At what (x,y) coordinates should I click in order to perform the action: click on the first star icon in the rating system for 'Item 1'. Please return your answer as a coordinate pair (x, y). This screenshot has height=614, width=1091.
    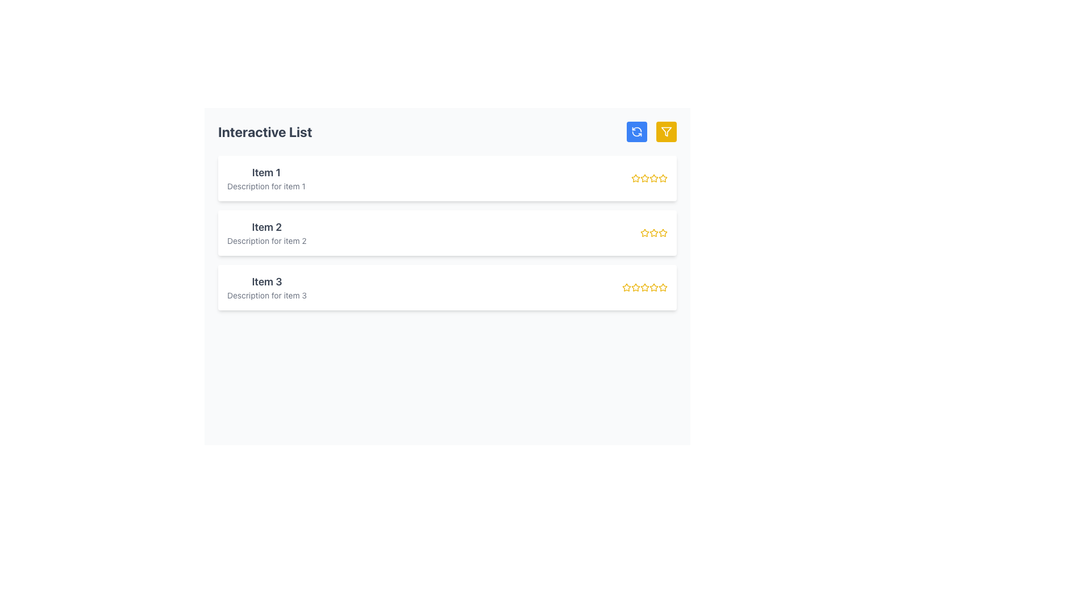
    Looking at the image, I should click on (635, 178).